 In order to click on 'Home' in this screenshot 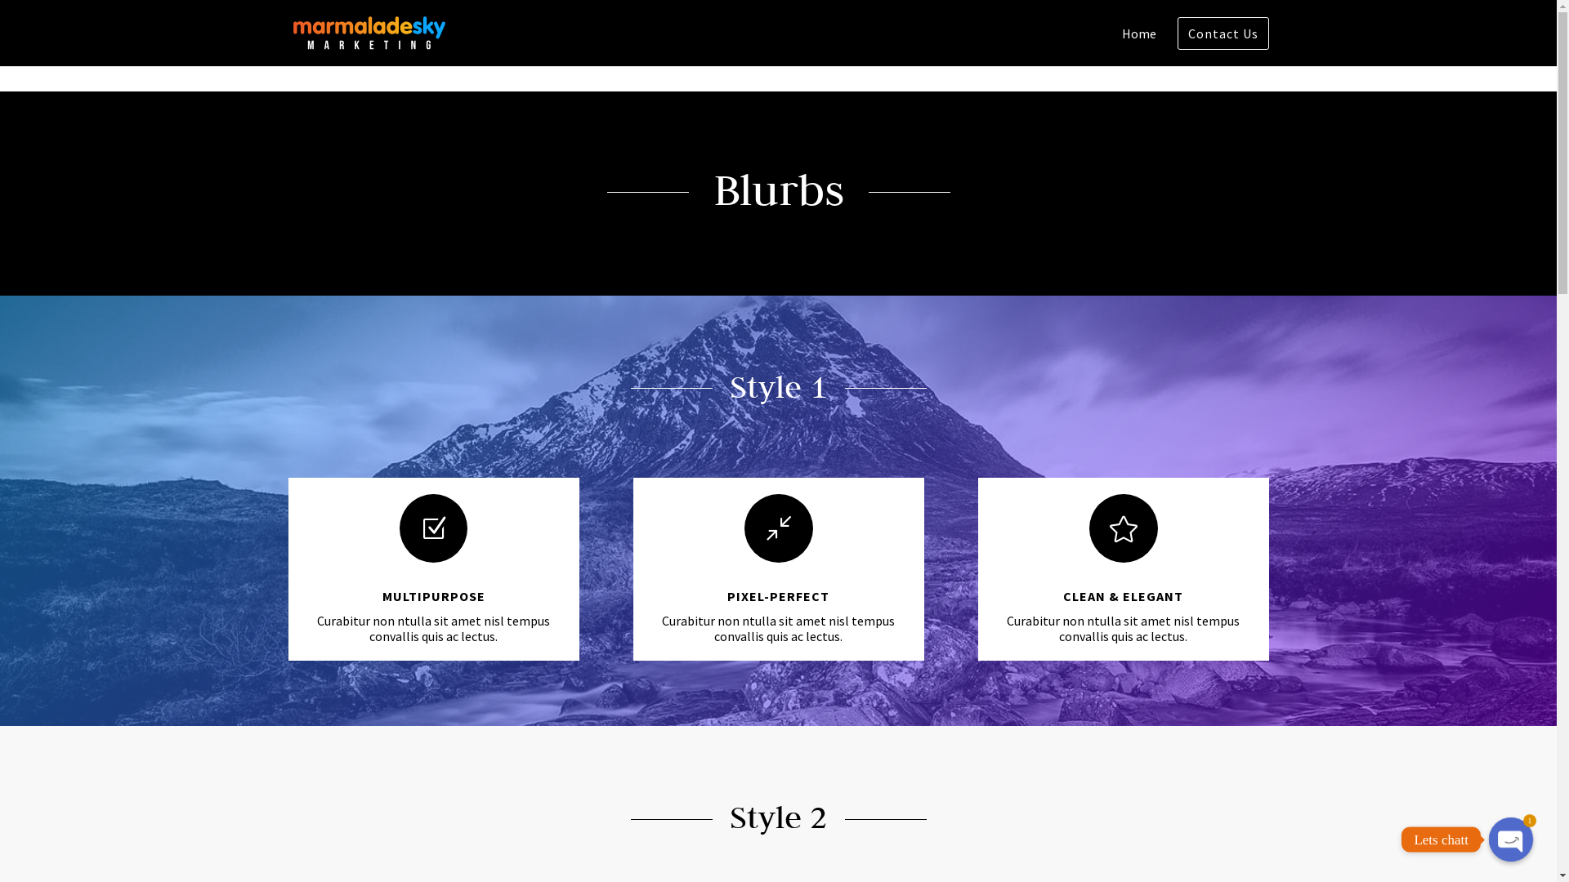, I will do `click(1137, 46)`.